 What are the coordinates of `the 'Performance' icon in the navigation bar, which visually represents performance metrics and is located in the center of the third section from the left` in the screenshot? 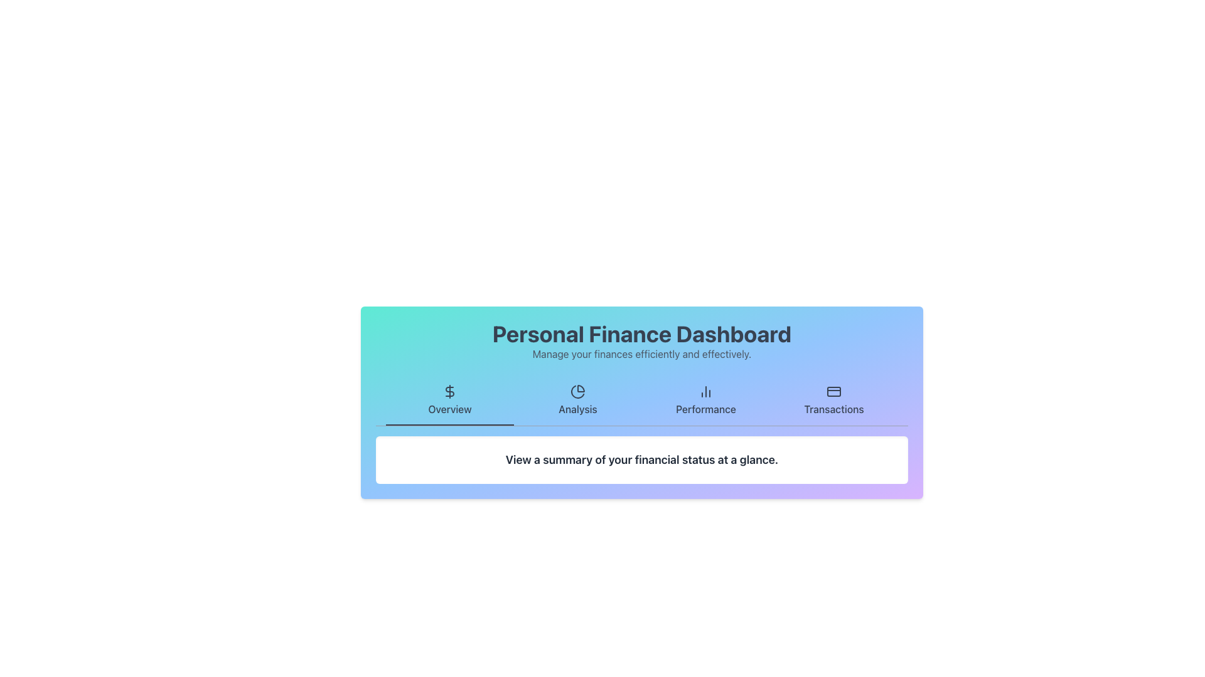 It's located at (705, 391).